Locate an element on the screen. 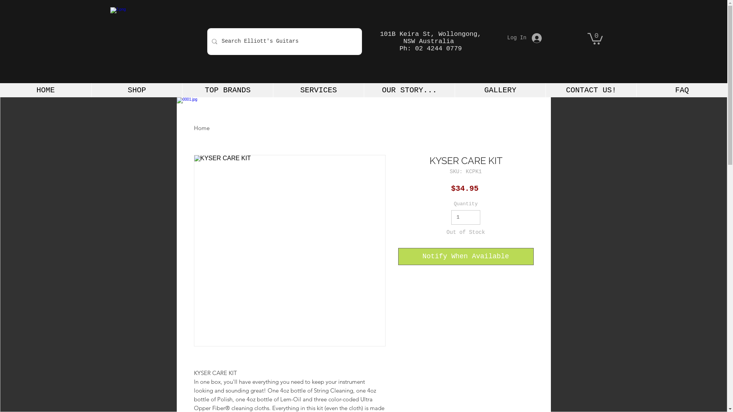 The width and height of the screenshot is (733, 412). 'HOME' is located at coordinates (45, 90).